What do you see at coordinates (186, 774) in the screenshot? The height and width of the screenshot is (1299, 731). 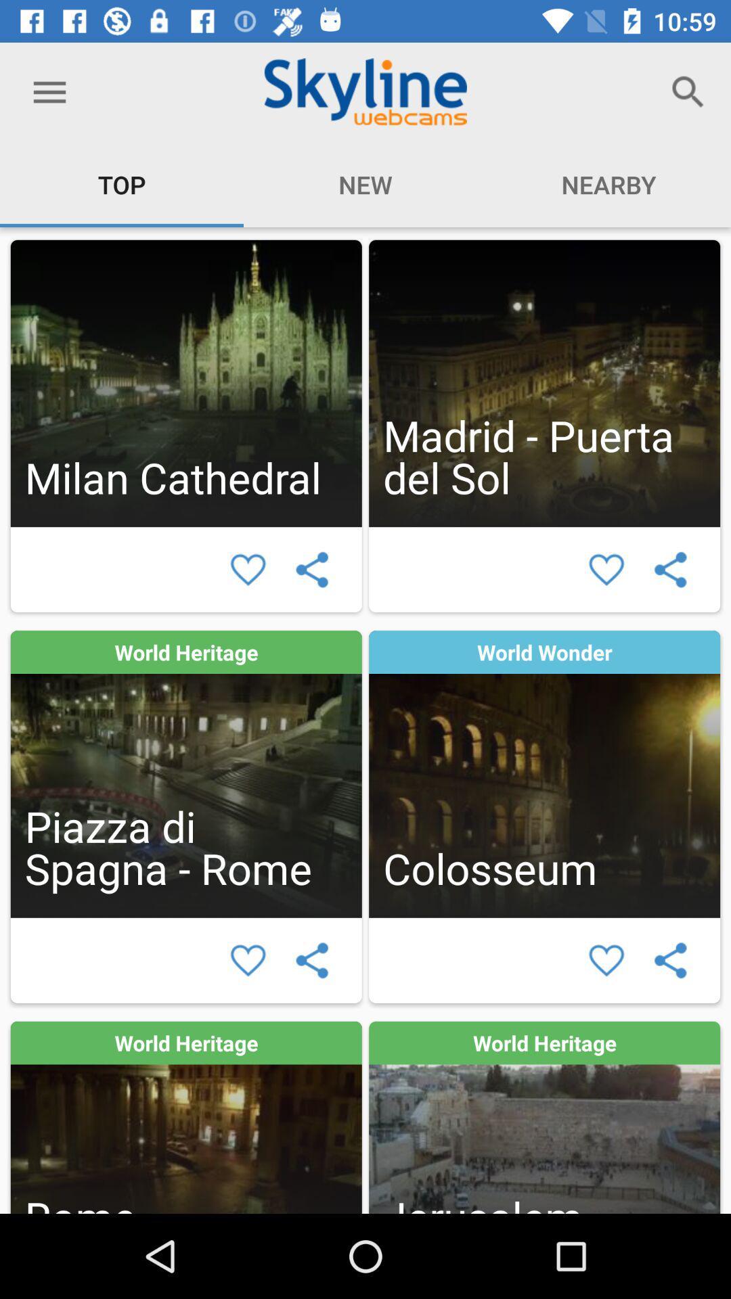 I see `the webcam` at bounding box center [186, 774].